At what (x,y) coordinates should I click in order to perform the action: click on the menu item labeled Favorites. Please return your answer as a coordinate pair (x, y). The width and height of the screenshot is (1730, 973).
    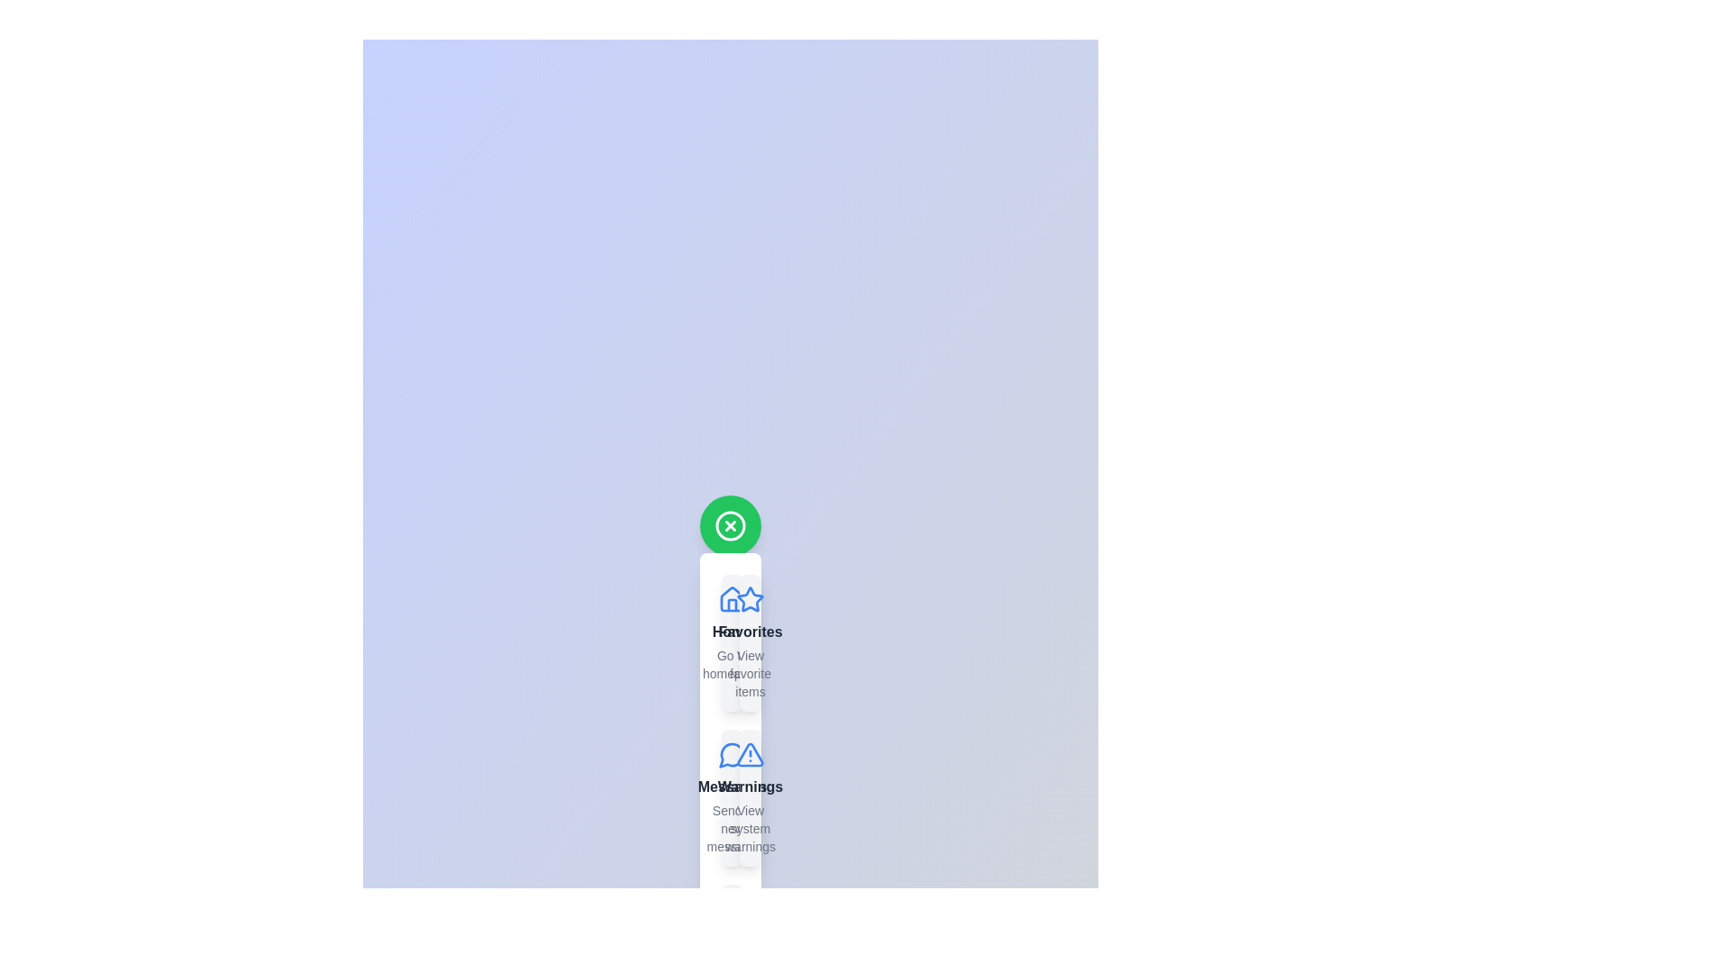
    Looking at the image, I should click on (751, 641).